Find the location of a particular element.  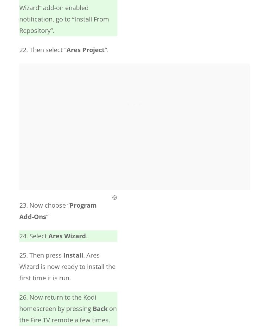

'on the Fire TV remote a few times.' is located at coordinates (68, 314).